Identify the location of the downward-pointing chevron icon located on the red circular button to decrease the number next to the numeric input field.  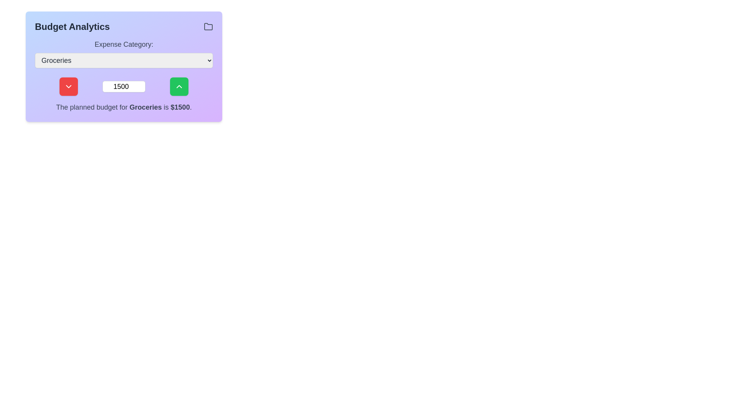
(68, 86).